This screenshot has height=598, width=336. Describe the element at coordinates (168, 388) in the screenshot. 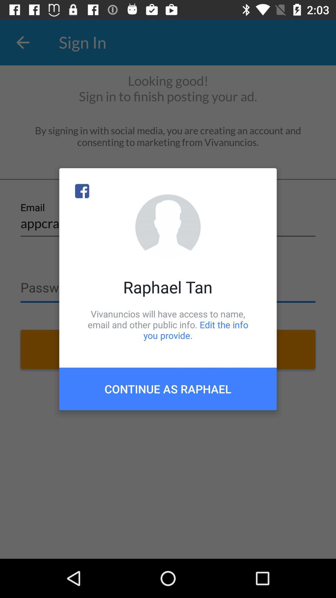

I see `continue as raphael` at that location.